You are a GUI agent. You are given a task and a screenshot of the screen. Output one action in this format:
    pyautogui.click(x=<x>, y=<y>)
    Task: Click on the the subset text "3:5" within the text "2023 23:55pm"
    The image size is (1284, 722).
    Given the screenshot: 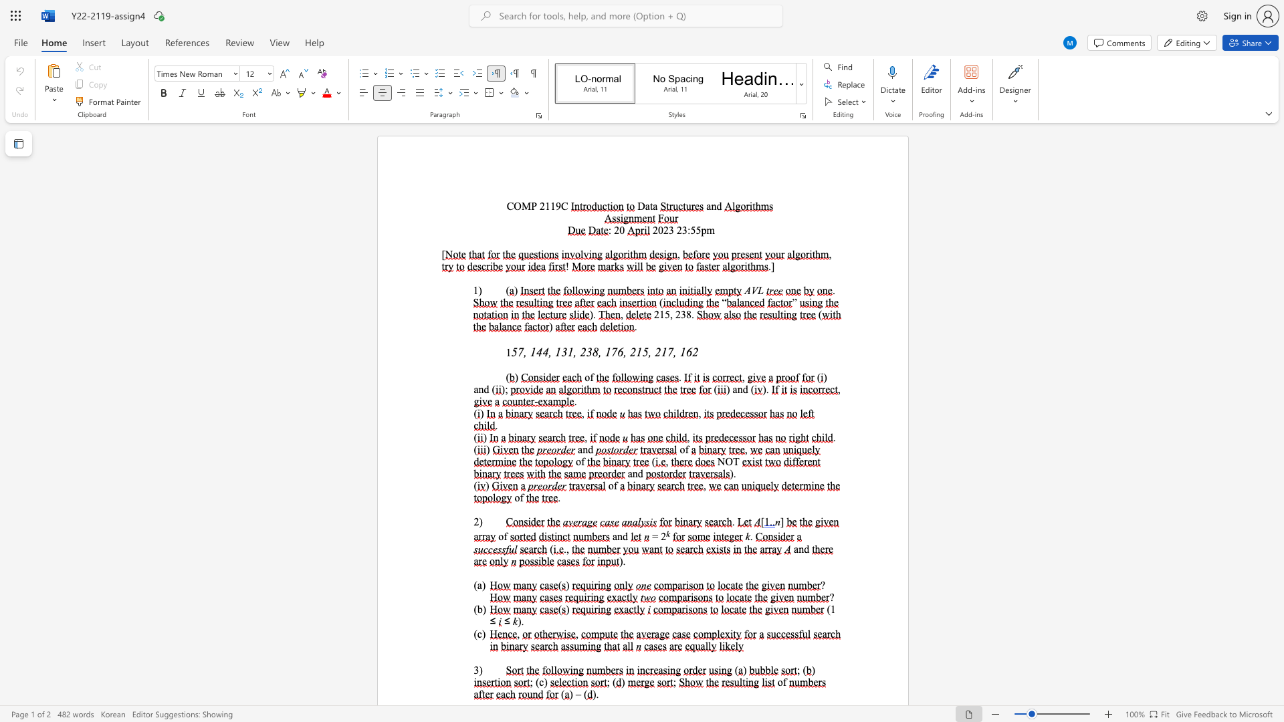 What is the action you would take?
    pyautogui.click(x=682, y=229)
    